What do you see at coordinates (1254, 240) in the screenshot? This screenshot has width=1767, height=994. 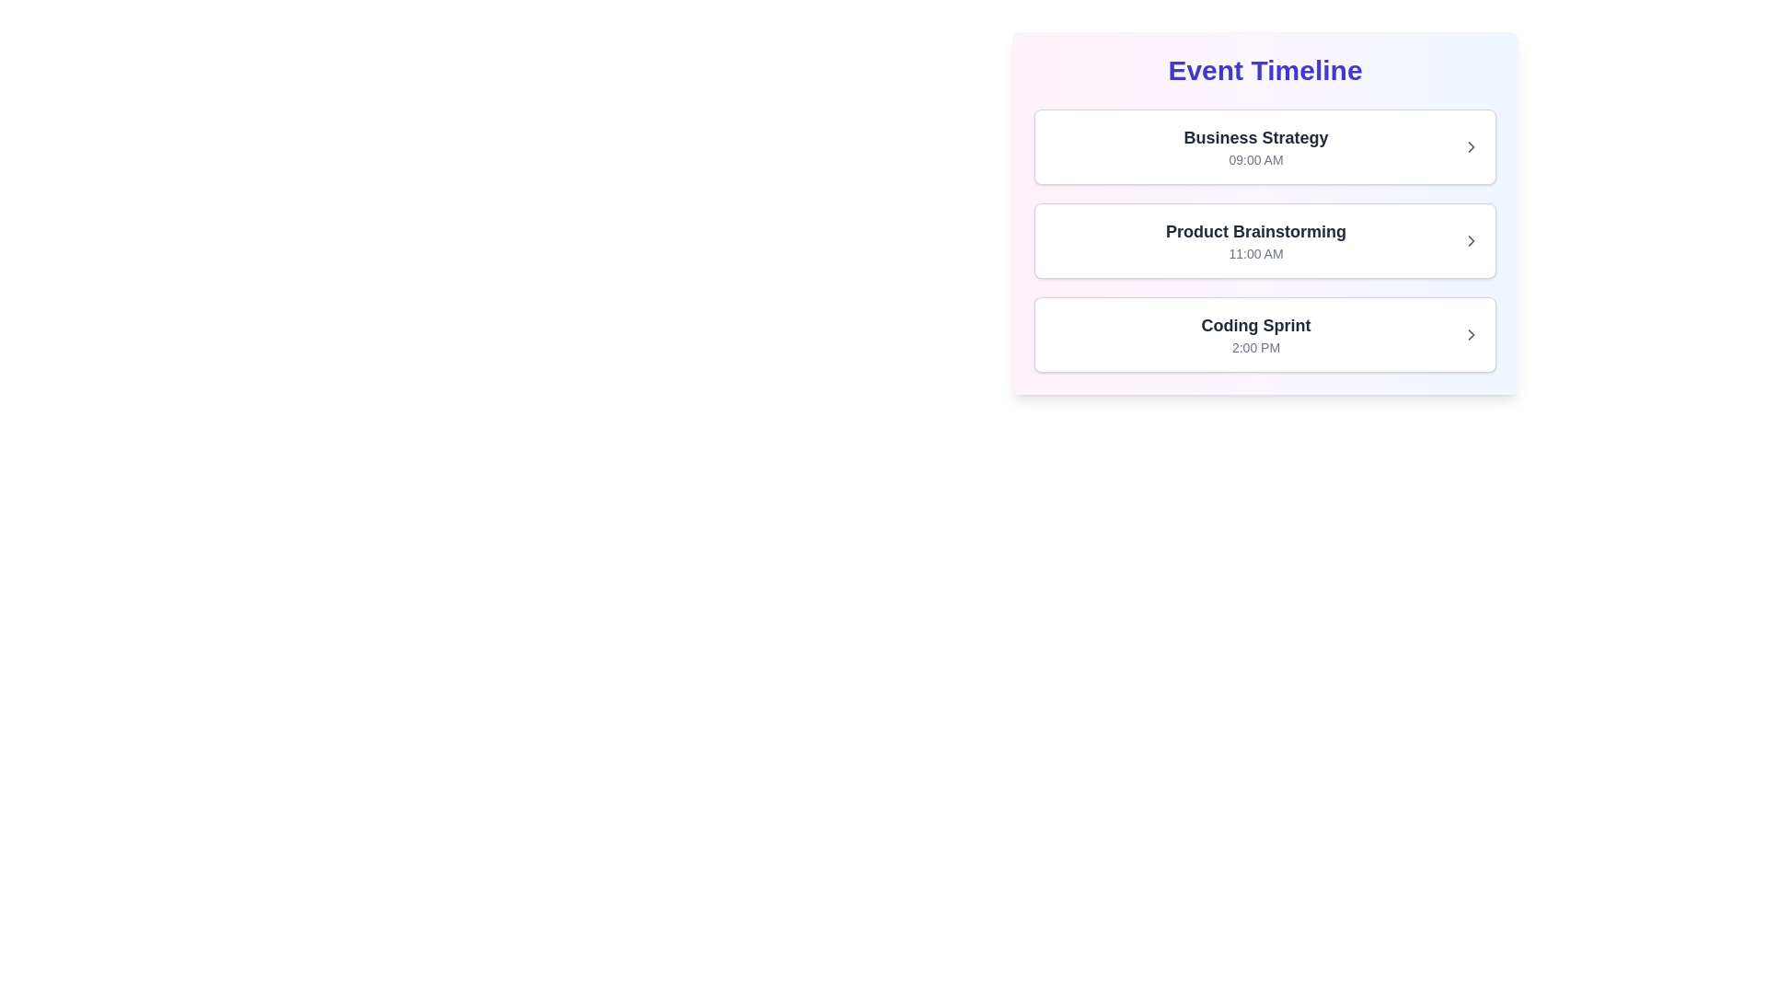 I see `the 'Product Brainstorming' text block in the Event Timeline section` at bounding box center [1254, 240].